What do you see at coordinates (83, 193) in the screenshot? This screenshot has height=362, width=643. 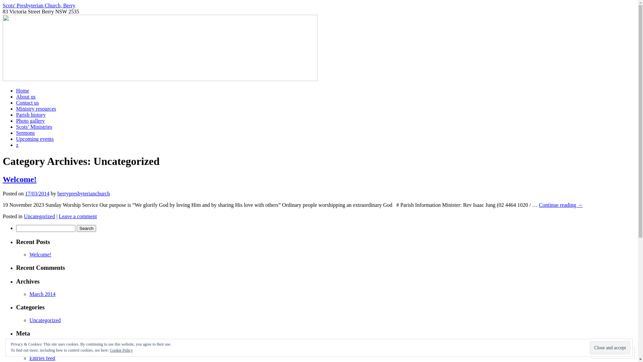 I see `'berrypresbyterianchurch'` at bounding box center [83, 193].